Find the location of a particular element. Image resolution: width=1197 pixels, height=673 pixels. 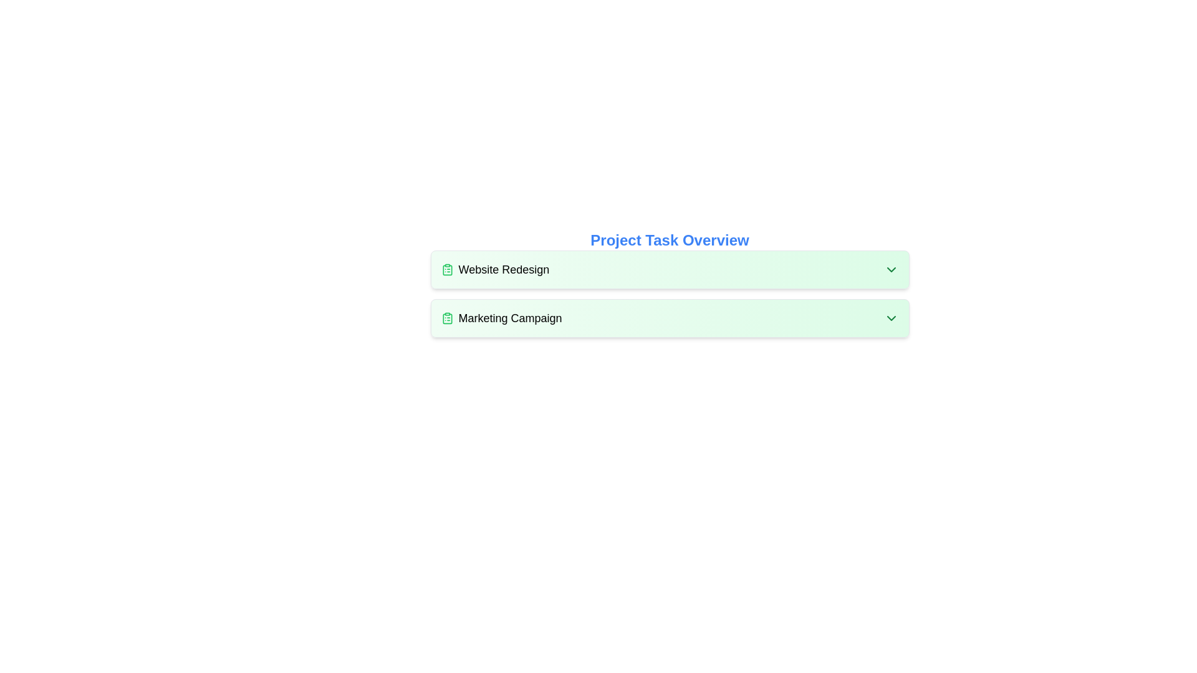

the downward-pointing green chevron icon located at the right side of the 'Marketing Campaign' row is located at coordinates (890, 317).